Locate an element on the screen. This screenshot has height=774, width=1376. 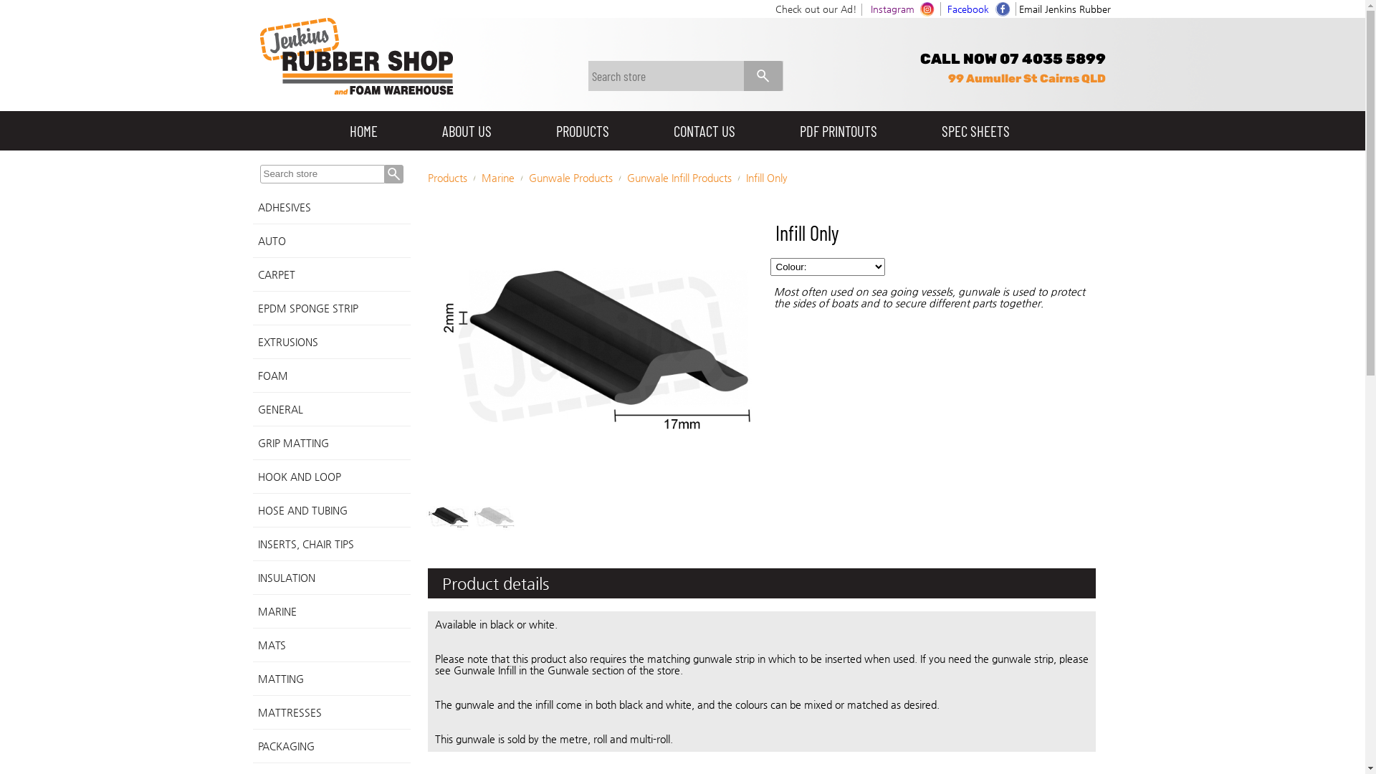
'GENERAL' is located at coordinates (252, 409).